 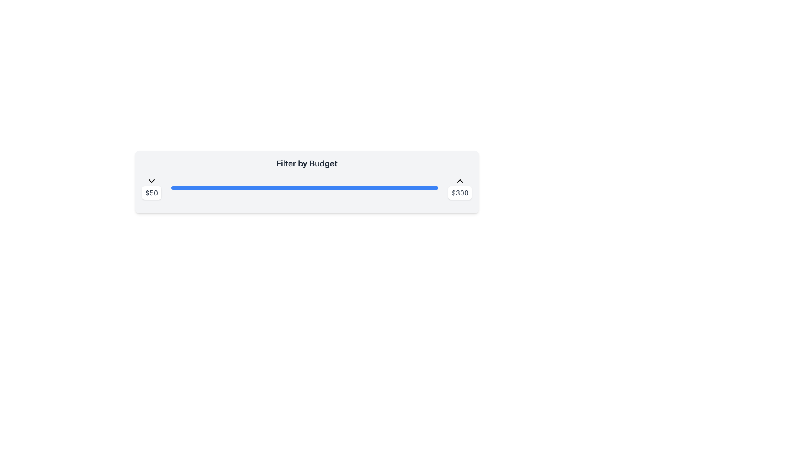 What do you see at coordinates (413, 187) in the screenshot?
I see `the budget filter` at bounding box center [413, 187].